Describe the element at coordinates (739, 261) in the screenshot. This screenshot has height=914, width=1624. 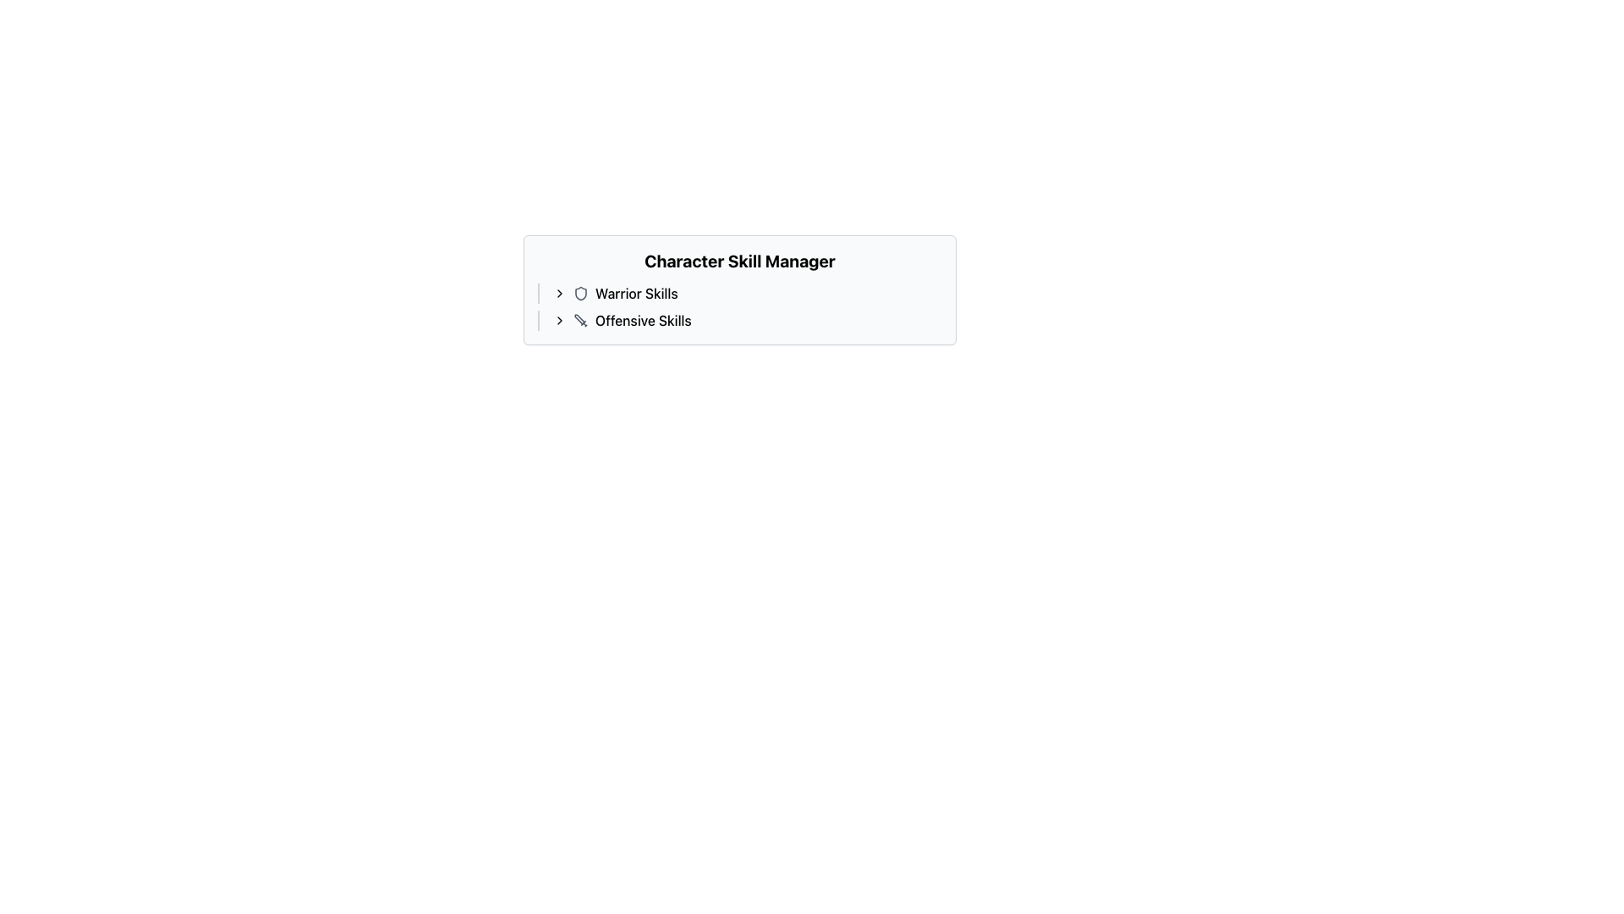
I see `the Label (Text) that serves as the title or heading for the character skills section, positioned centrally above 'Warrior Skills' and 'Offensive Skills'` at that location.